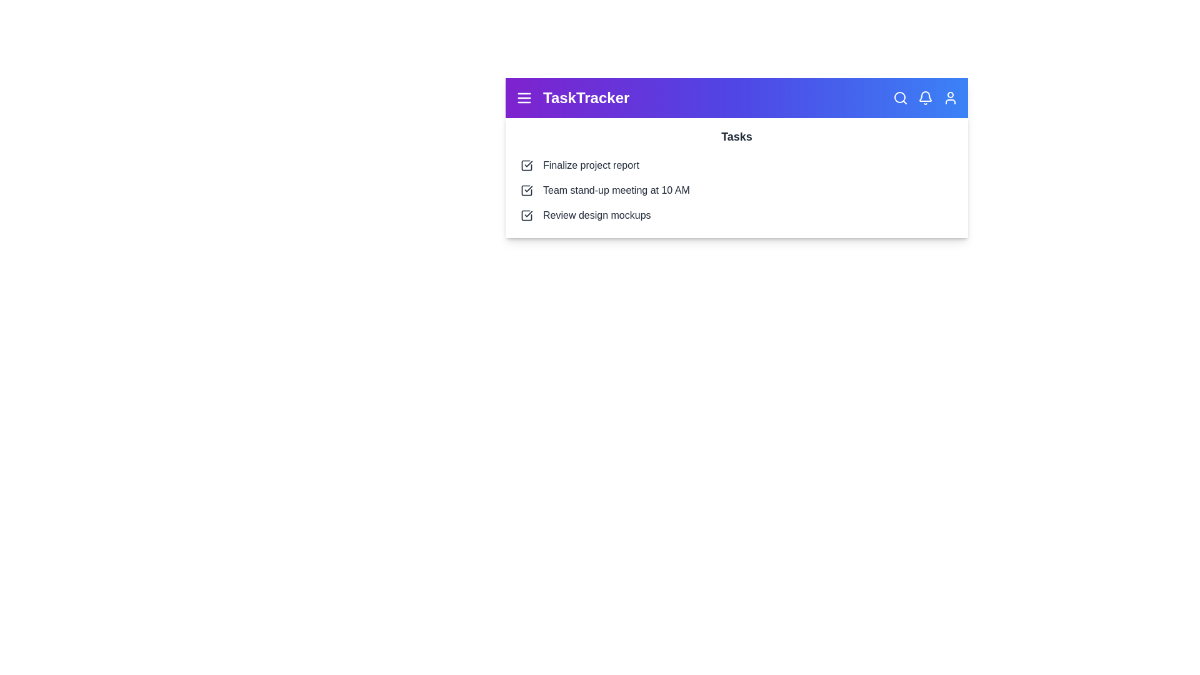 This screenshot has width=1200, height=675. What do you see at coordinates (900, 97) in the screenshot?
I see `the search icon in the app bar` at bounding box center [900, 97].